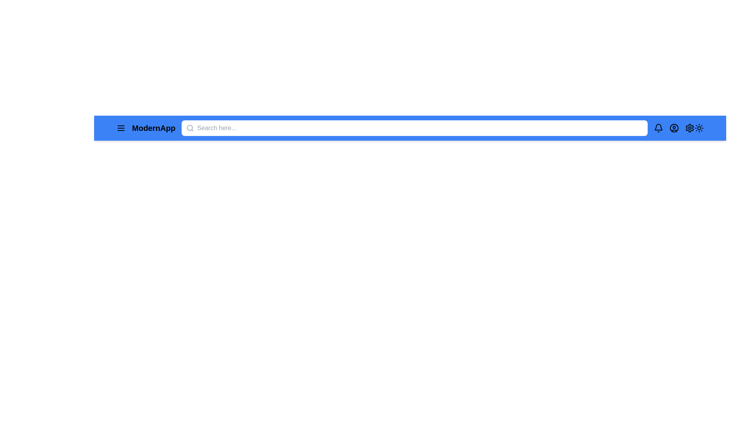 The width and height of the screenshot is (750, 422). Describe the element at coordinates (121, 127) in the screenshot. I see `the menu icon to toggle the menu visibility` at that location.